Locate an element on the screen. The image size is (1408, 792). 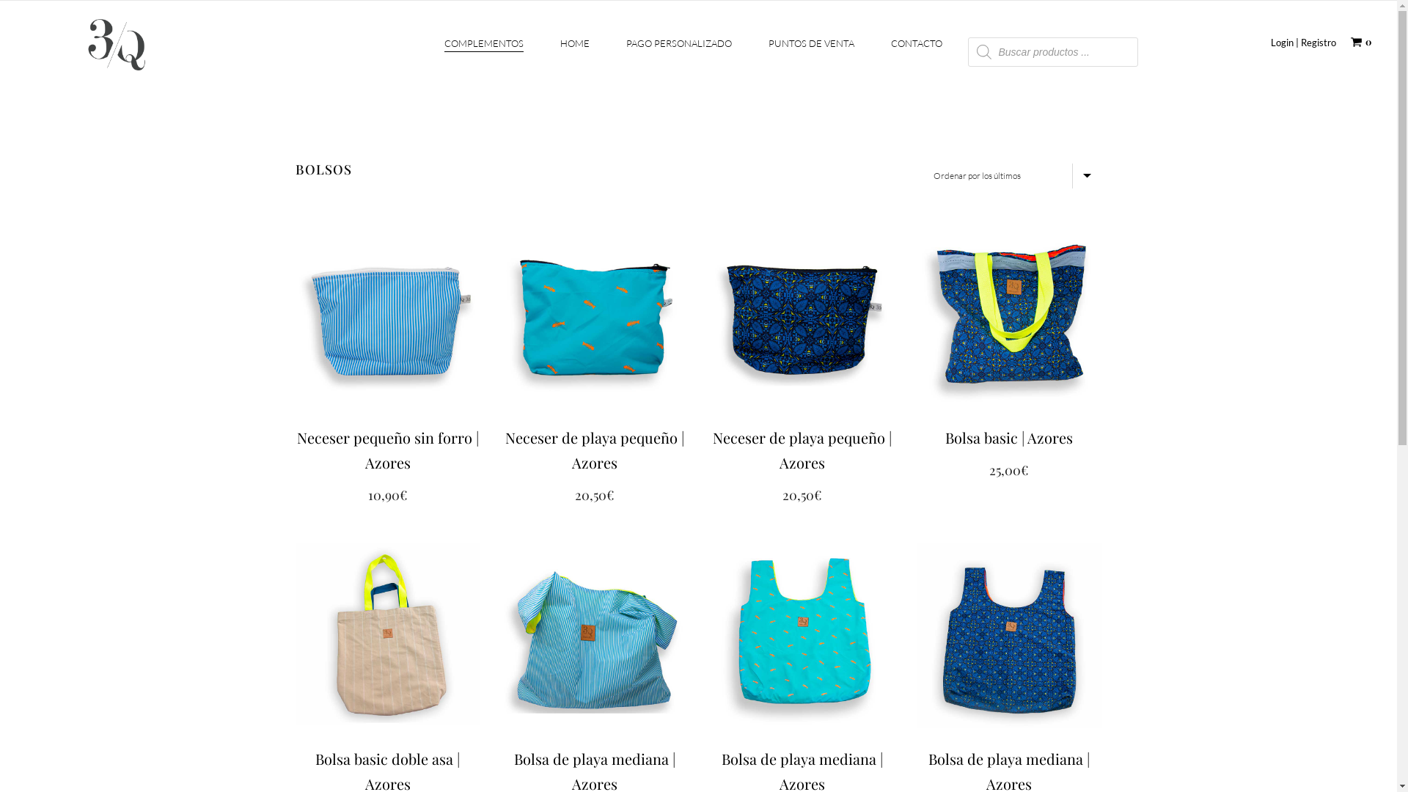
'Login | Registro' is located at coordinates (1303, 41).